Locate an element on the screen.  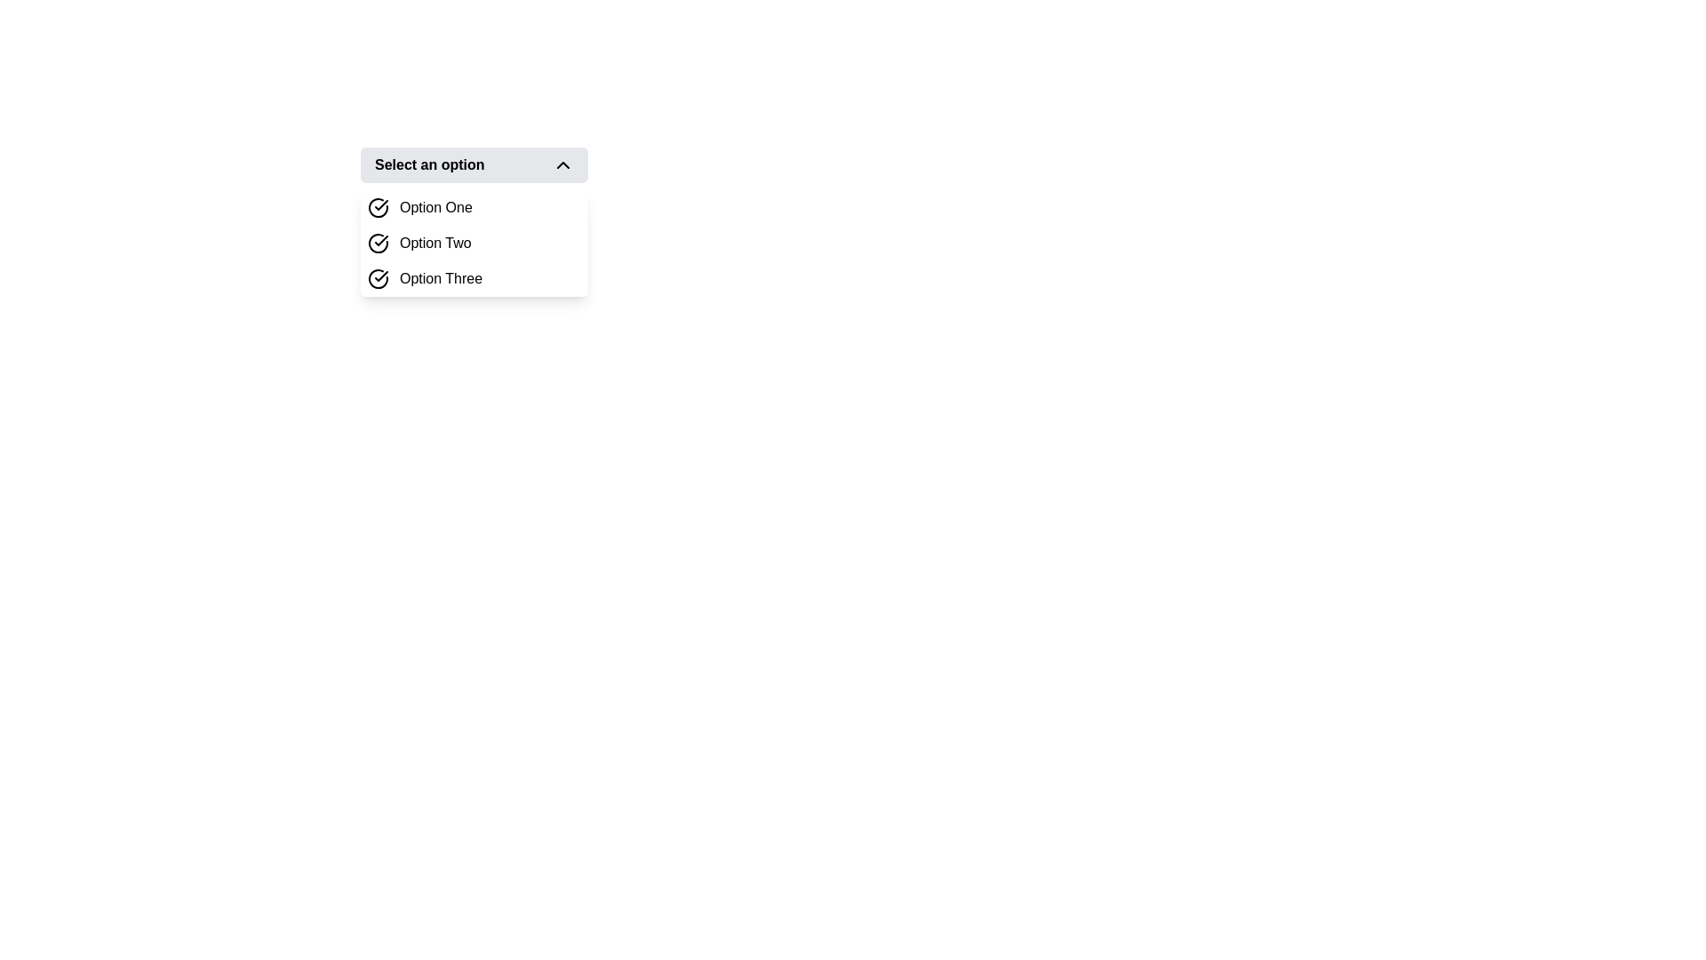
the circled checkmark icon located beside the 'Option Two' label in the dropdown menu is located at coordinates (378, 243).